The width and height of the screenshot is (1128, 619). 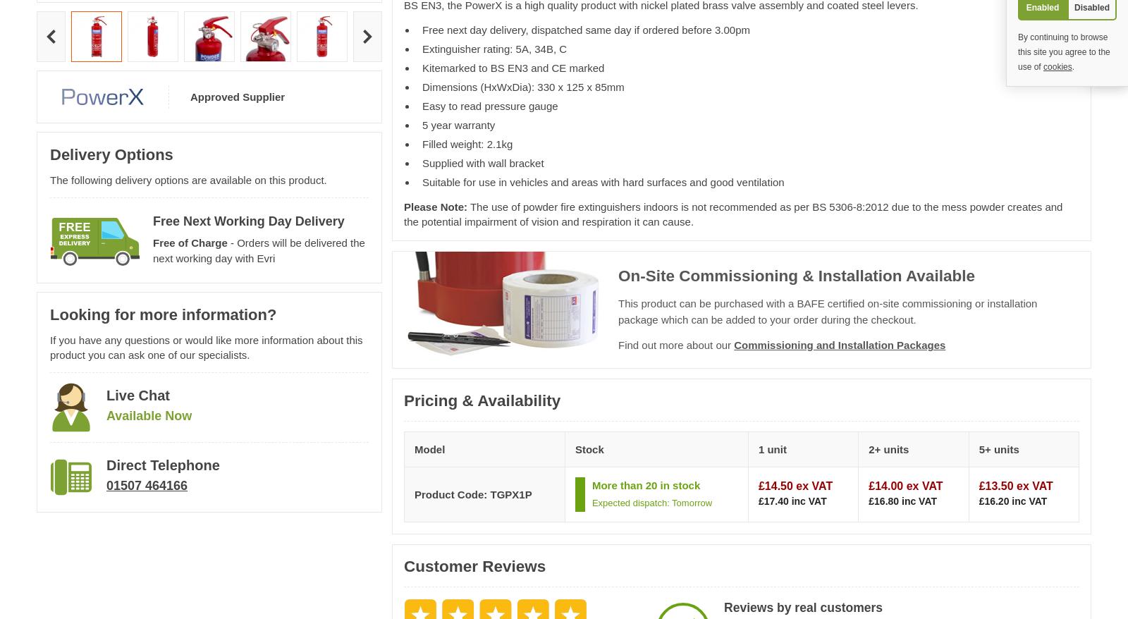 What do you see at coordinates (403, 399) in the screenshot?
I see `'Pricing & Availability'` at bounding box center [403, 399].